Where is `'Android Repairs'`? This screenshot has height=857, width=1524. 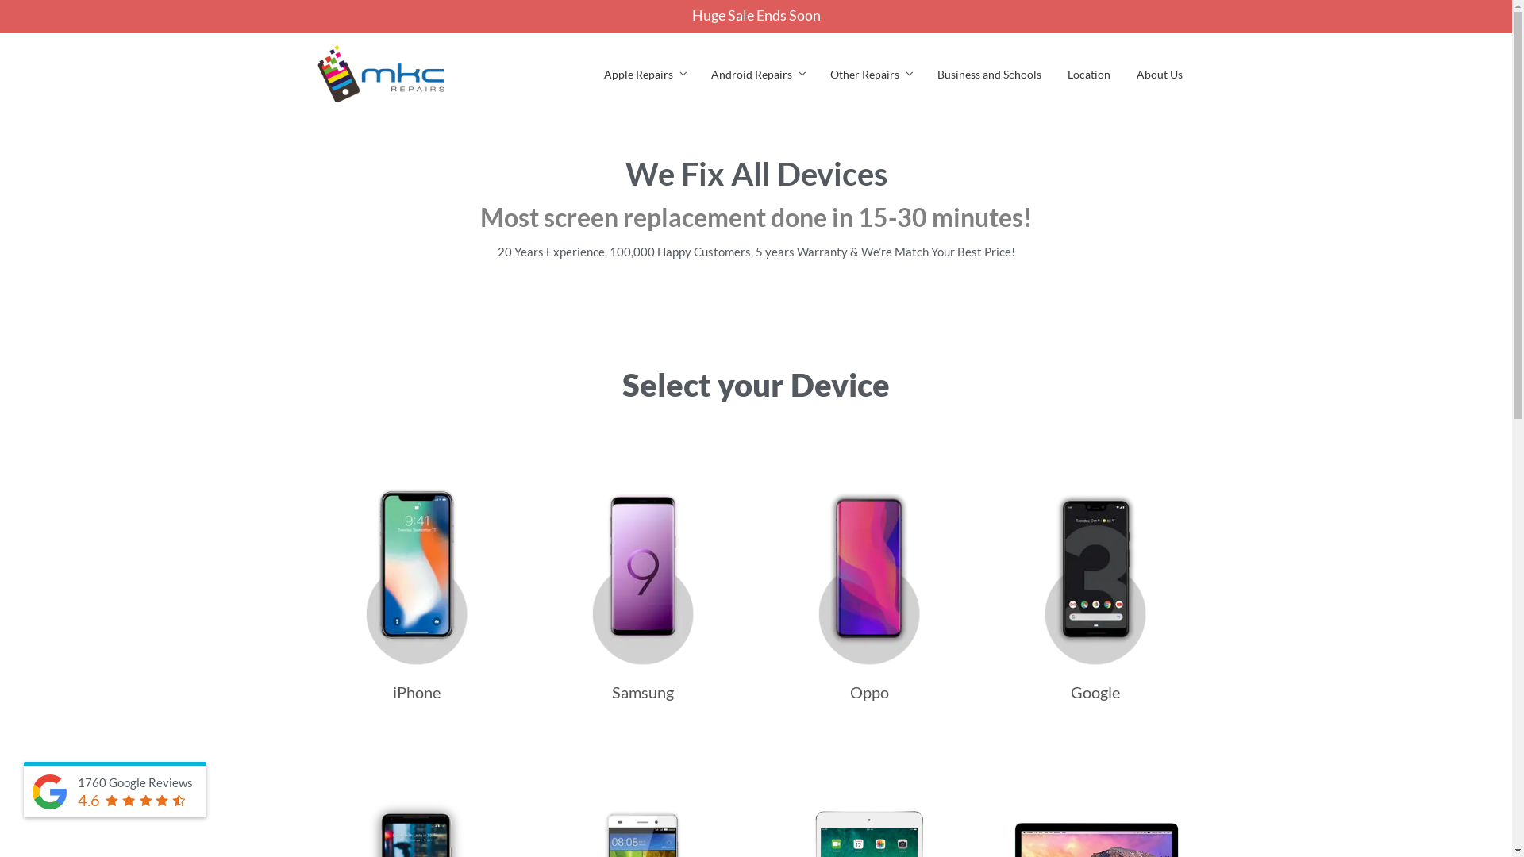
'Android Repairs' is located at coordinates (749, 74).